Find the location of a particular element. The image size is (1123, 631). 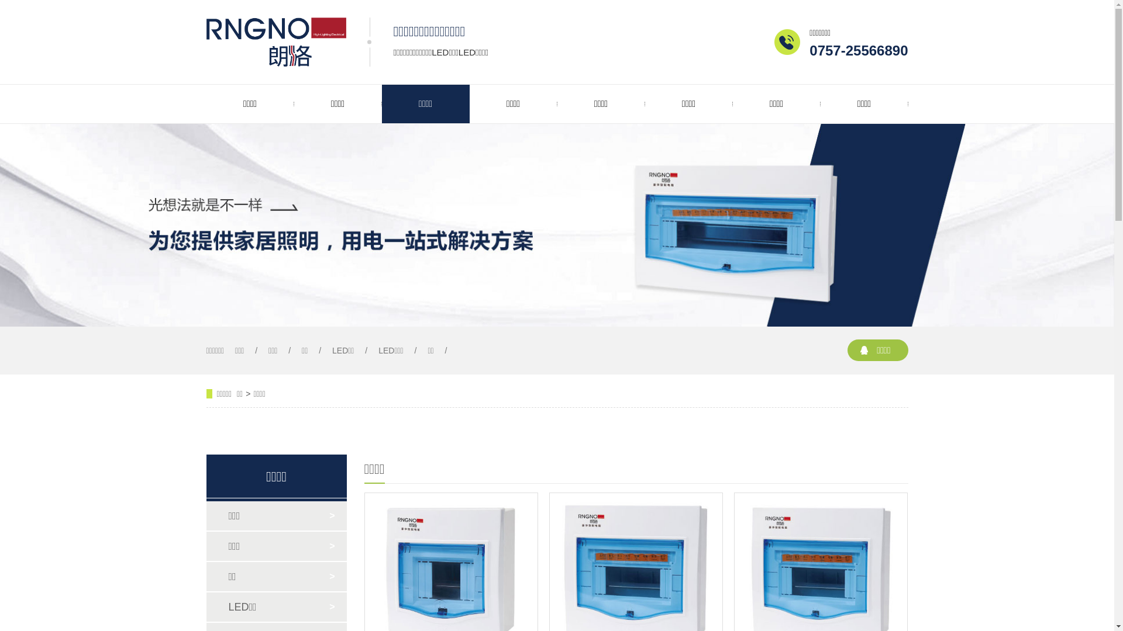

'0757-25566890' is located at coordinates (859, 50).